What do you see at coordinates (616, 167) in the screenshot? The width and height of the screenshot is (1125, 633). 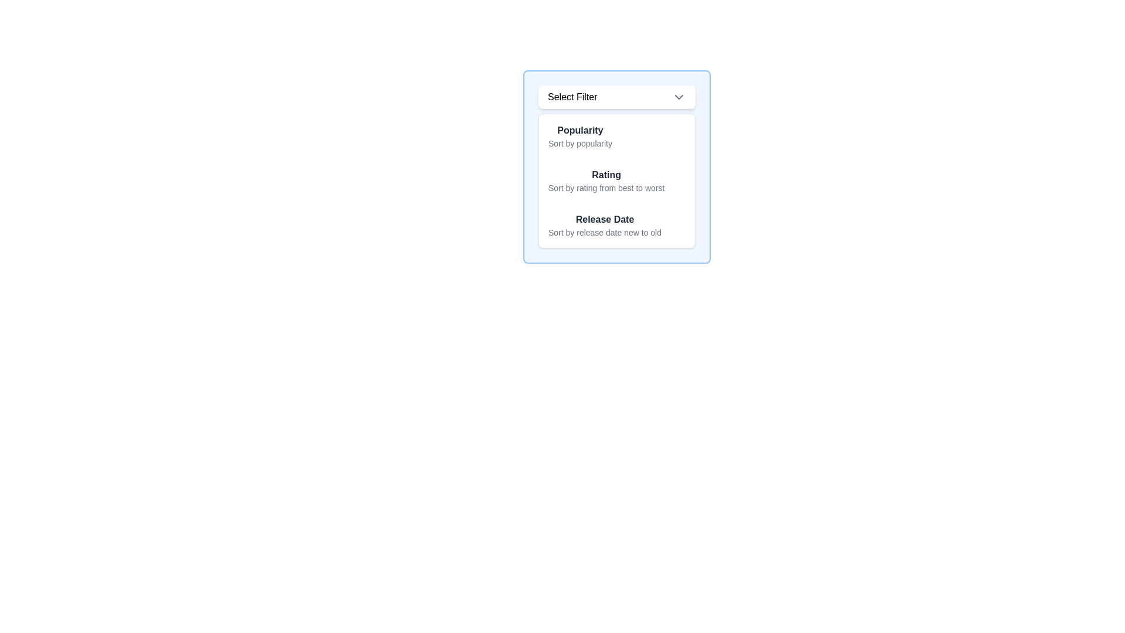 I see `the second option in the dropdown menu that allows sorting items by rating, which is located between 'Popularity' and 'Release Date'` at bounding box center [616, 167].